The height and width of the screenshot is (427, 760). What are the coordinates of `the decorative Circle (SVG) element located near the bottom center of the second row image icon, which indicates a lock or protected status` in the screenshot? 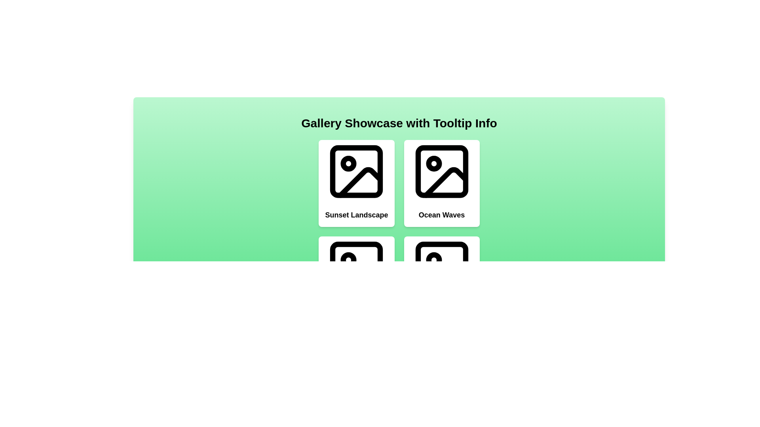 It's located at (433, 260).